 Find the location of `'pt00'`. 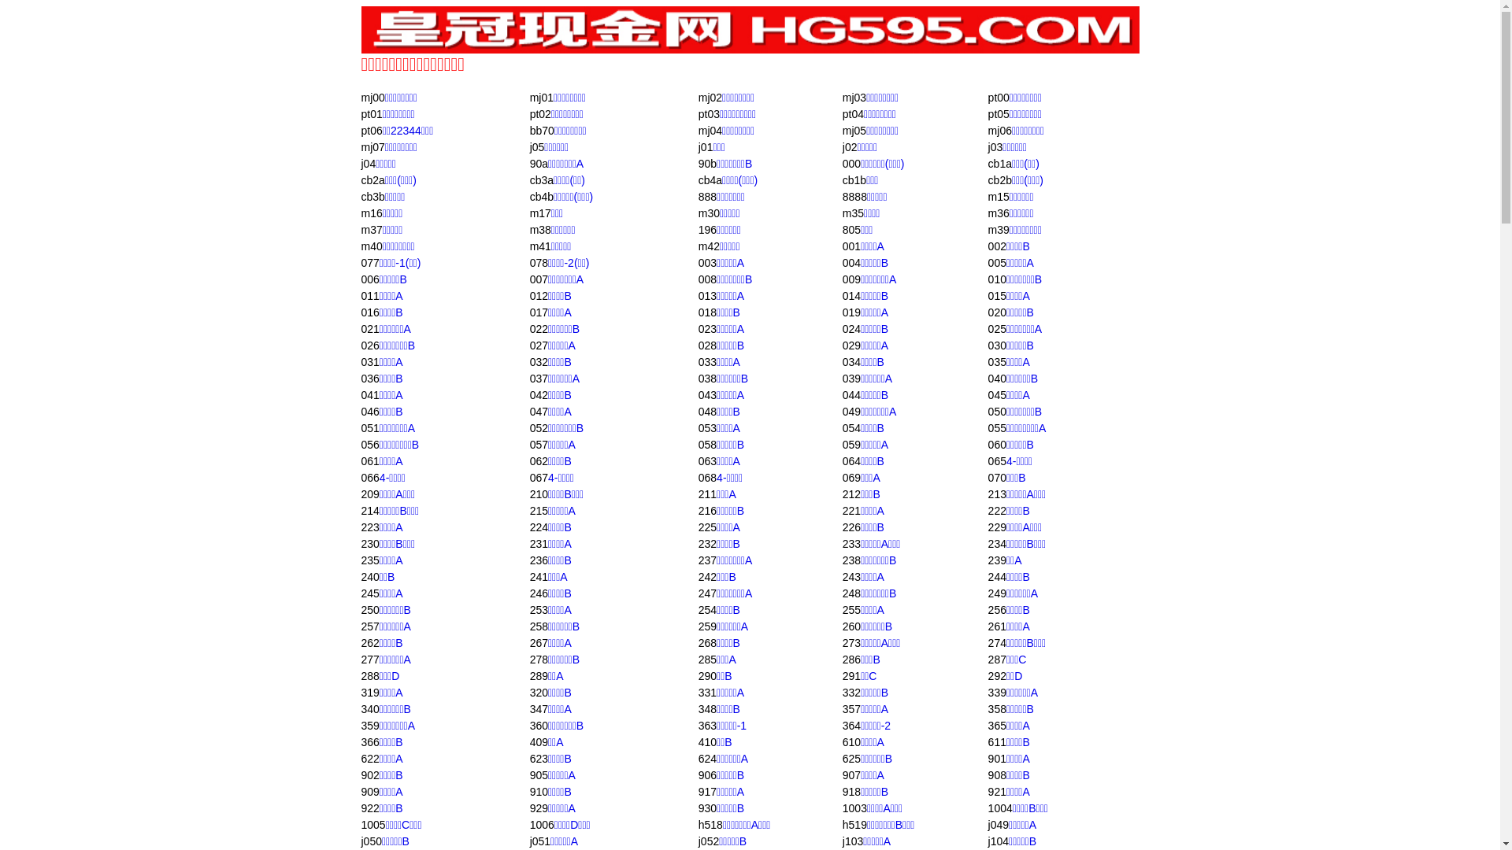

'pt00' is located at coordinates (998, 97).